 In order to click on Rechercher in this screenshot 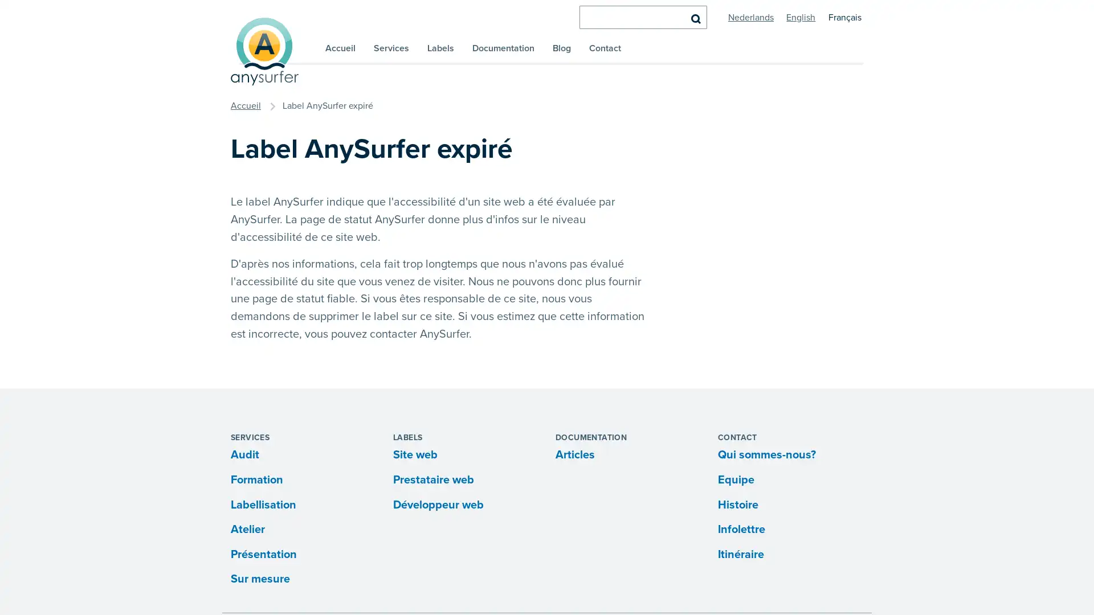, I will do `click(694, 18)`.